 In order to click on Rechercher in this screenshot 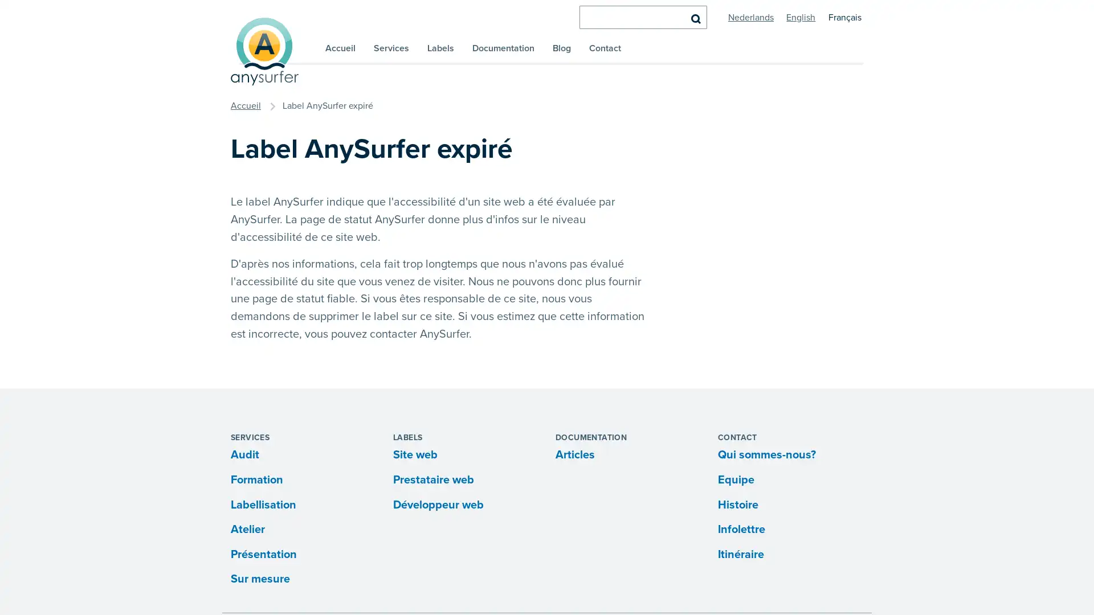, I will do `click(694, 18)`.